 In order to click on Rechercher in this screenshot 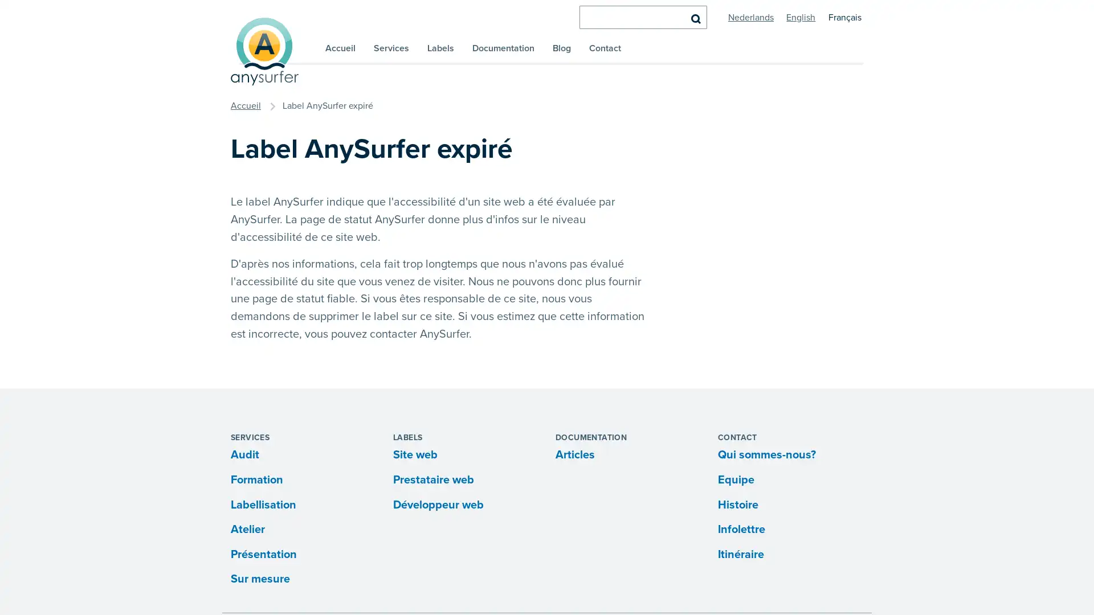, I will do `click(694, 18)`.